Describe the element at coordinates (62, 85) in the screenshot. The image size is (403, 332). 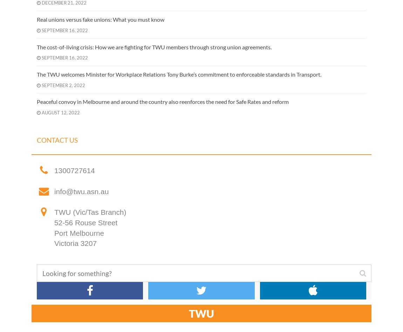
I see `'September 2, 2022'` at that location.